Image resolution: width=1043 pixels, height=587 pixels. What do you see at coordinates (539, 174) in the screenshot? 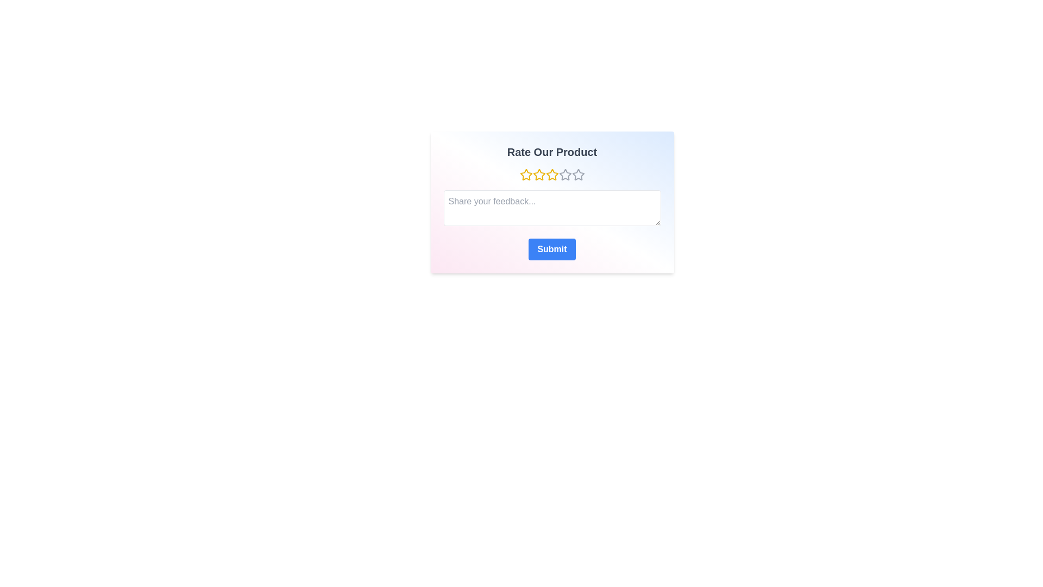
I see `the star representing 2 to set the rating` at bounding box center [539, 174].